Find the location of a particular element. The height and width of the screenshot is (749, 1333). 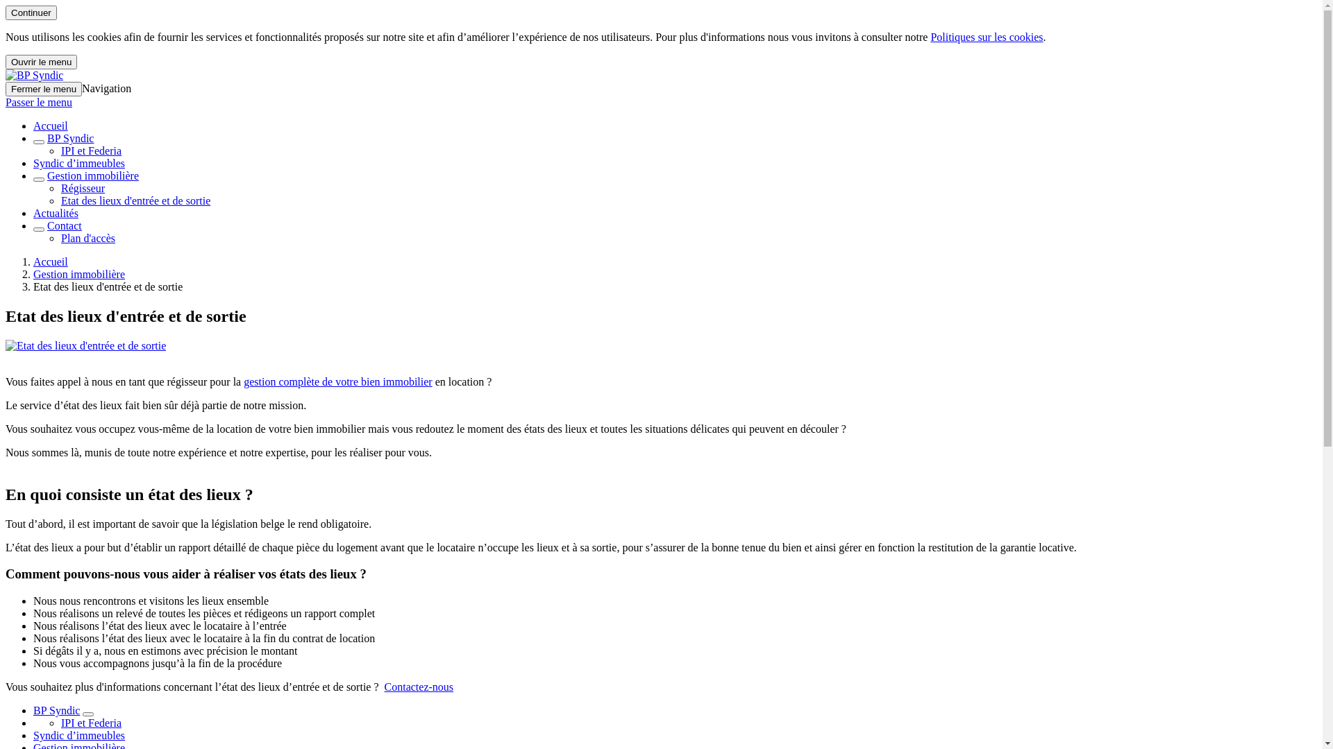

'Continuer' is located at coordinates (31, 12).